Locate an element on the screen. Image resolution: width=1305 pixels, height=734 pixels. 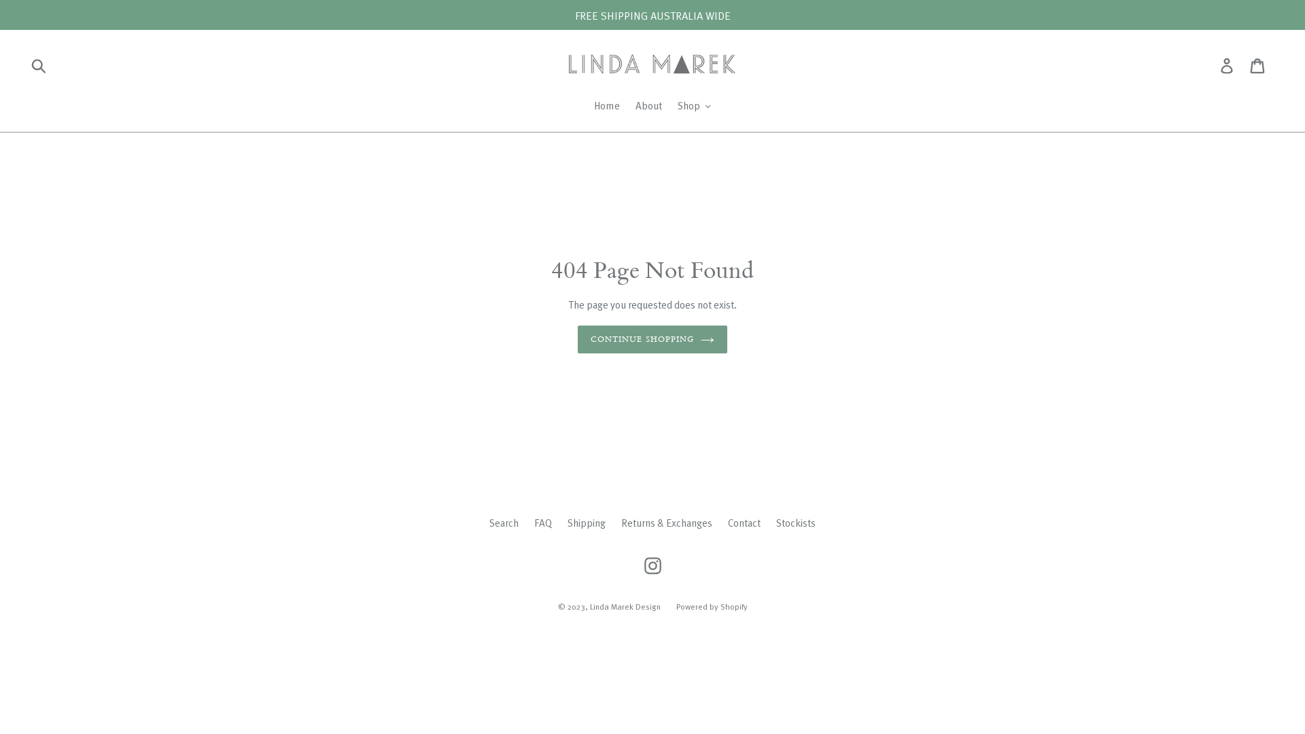
'Shipping' is located at coordinates (587, 521).